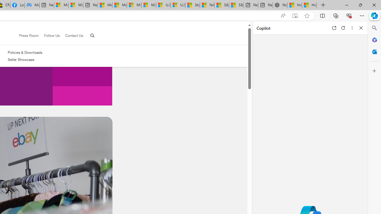 The image size is (381, 214). Describe the element at coordinates (21, 59) in the screenshot. I see `'Seller Showcase'` at that location.